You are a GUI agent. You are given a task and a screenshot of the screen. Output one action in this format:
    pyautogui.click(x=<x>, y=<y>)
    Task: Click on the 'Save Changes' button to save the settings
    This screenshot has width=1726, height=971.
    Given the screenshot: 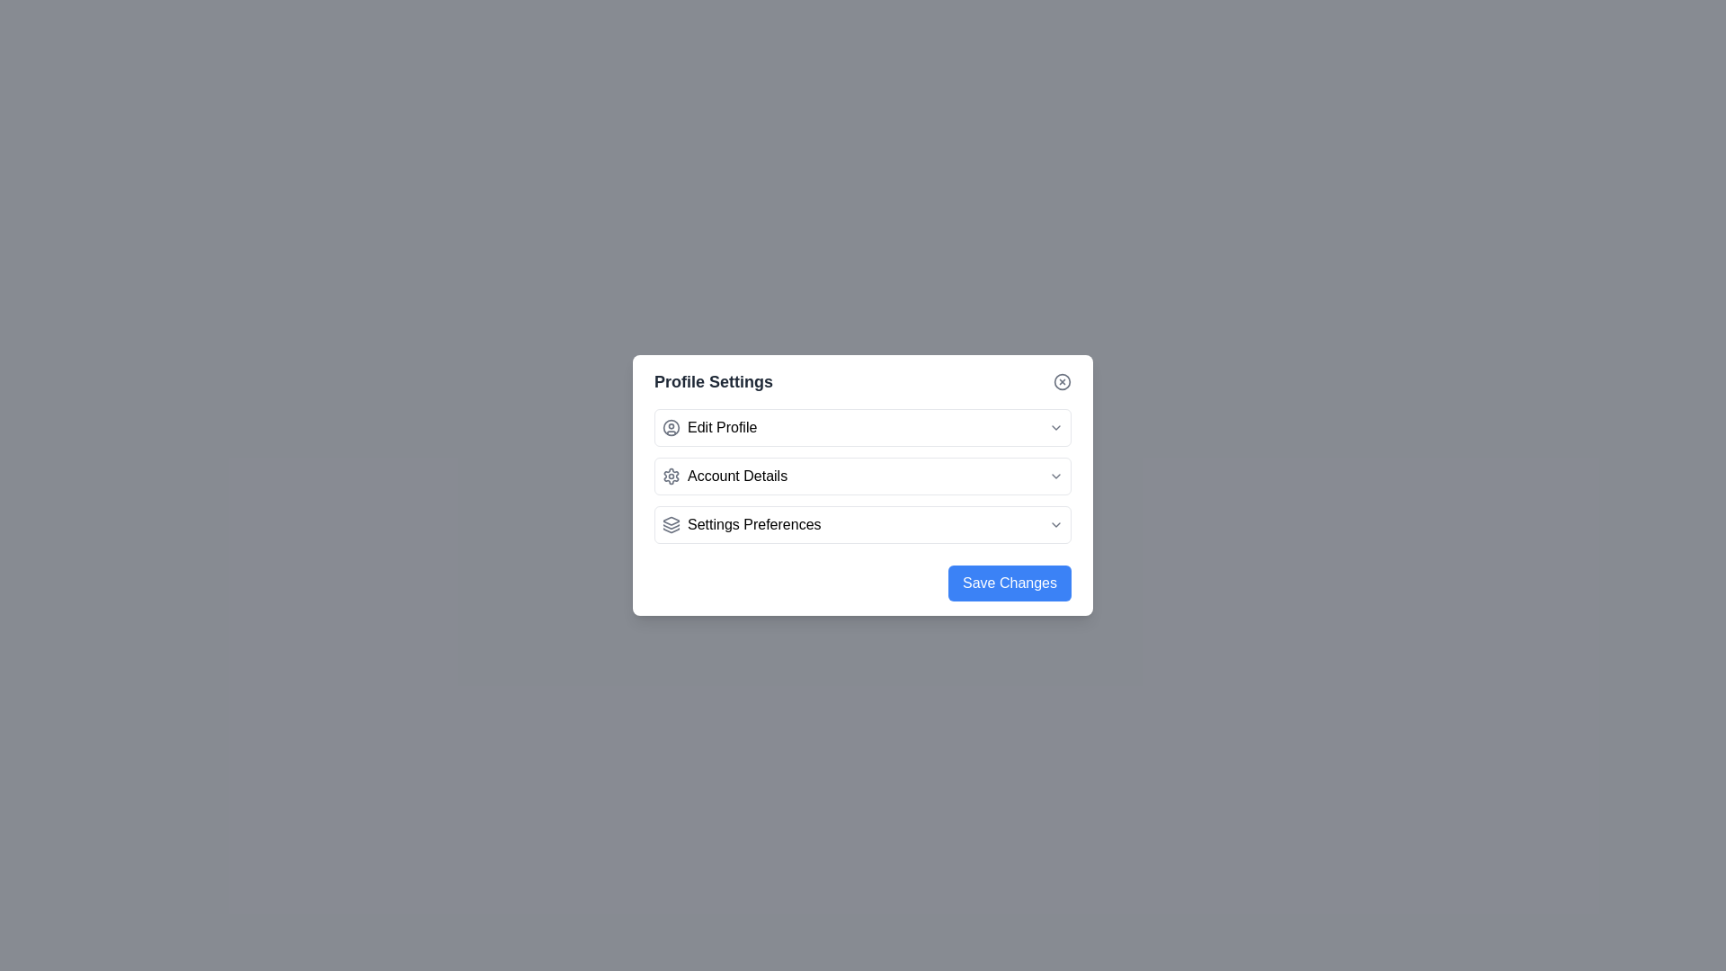 What is the action you would take?
    pyautogui.click(x=1010, y=583)
    